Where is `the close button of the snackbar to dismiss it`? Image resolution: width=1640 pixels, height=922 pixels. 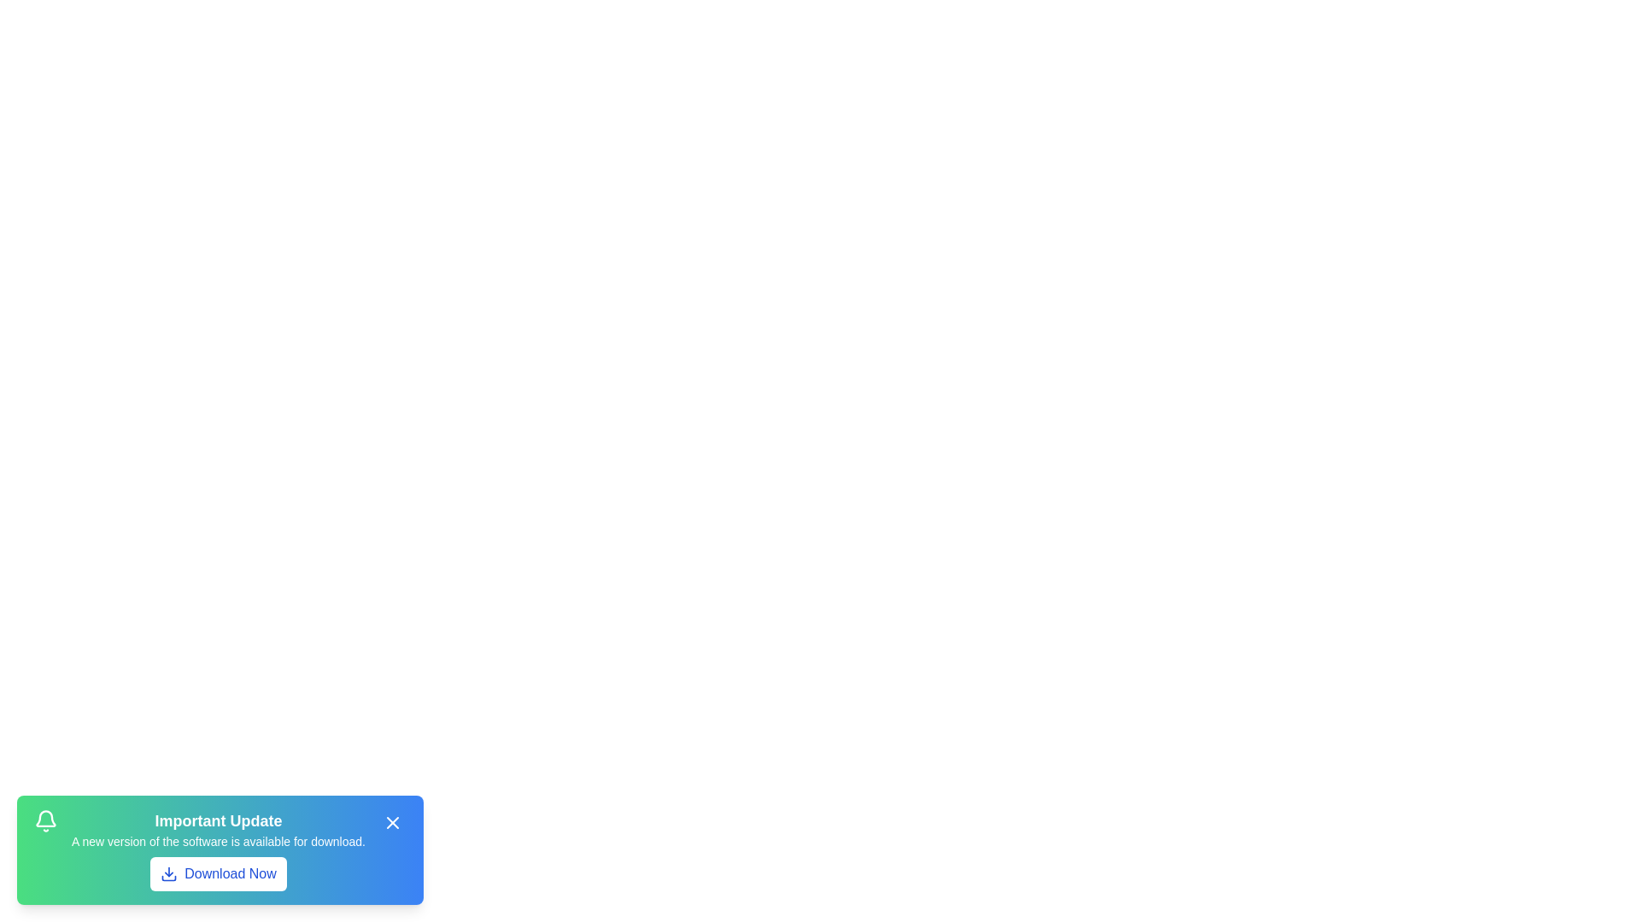 the close button of the snackbar to dismiss it is located at coordinates (392, 822).